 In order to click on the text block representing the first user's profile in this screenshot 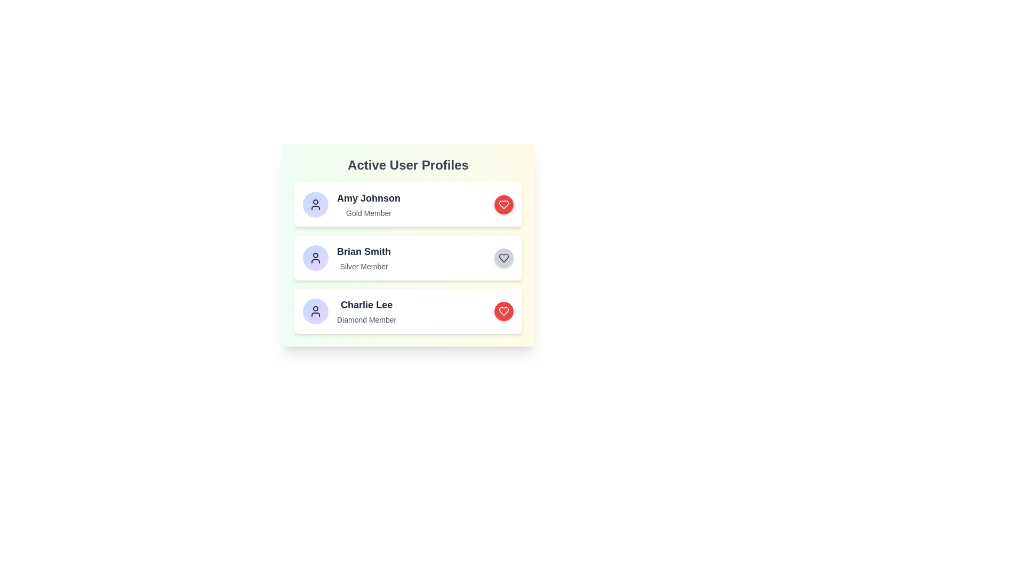, I will do `click(351, 205)`.